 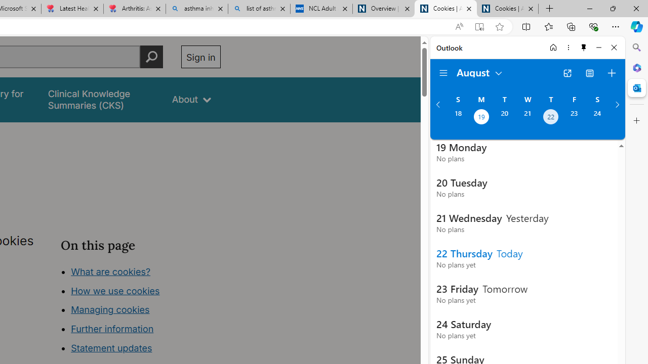 I want to click on 'Thursday, August 22, 2024. Today. ', so click(x=550, y=117).